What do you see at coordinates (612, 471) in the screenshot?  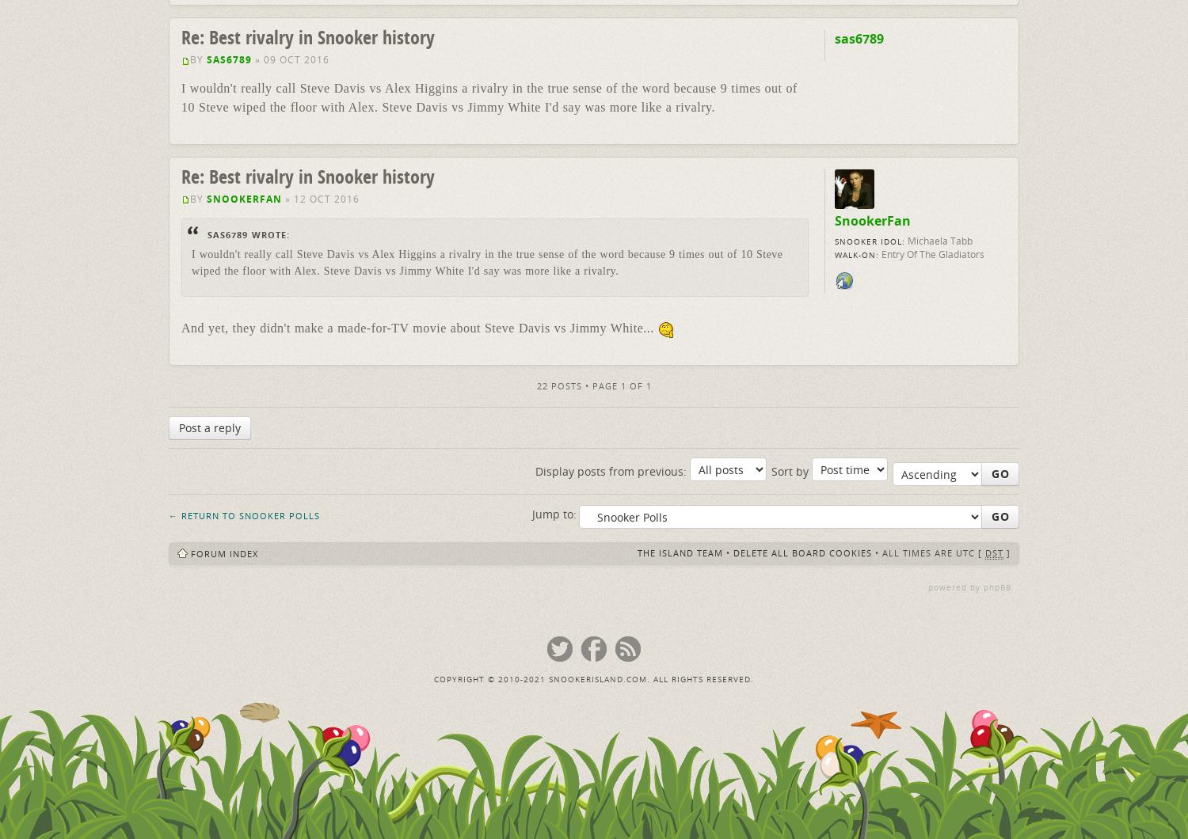 I see `'Display posts from previous:'` at bounding box center [612, 471].